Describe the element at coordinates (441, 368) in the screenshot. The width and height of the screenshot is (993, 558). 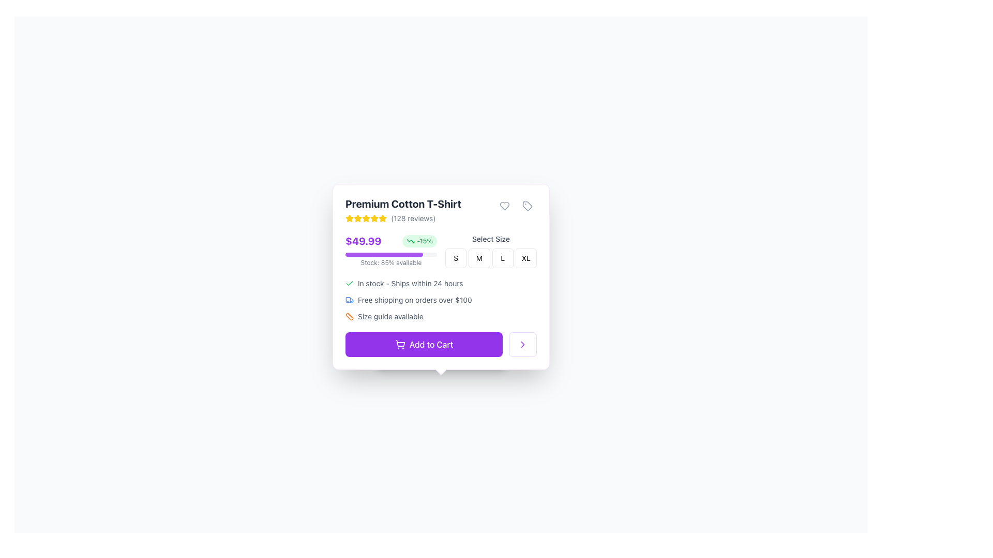
I see `the decorative pointer located at the bottom center of the white card layout, which indicates a relationship with the associated content beneath the 'Add to Cart' button` at that location.